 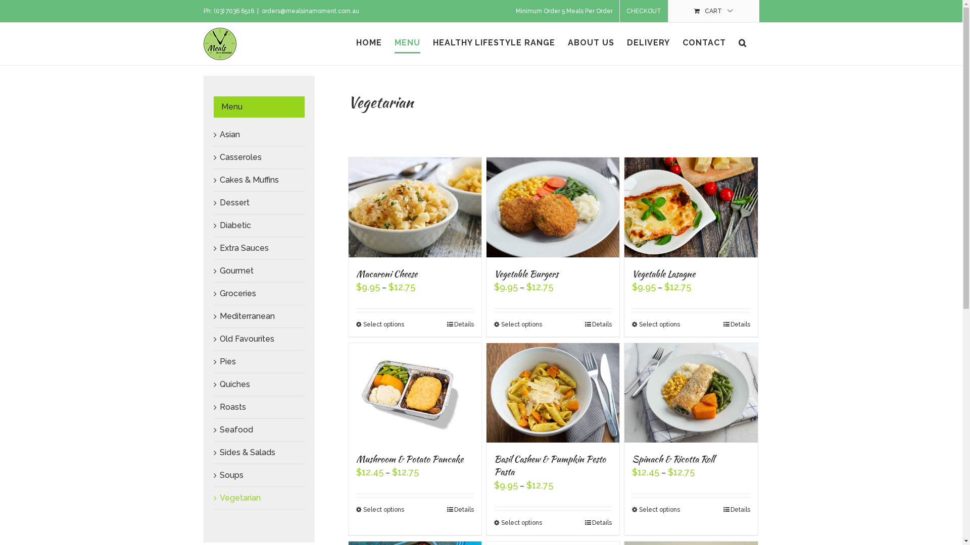 I want to click on 'Vegetarian', so click(x=239, y=497).